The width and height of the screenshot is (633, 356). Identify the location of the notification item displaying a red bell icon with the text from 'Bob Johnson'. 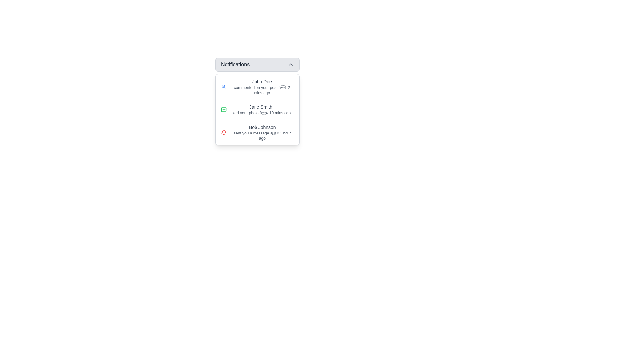
(257, 132).